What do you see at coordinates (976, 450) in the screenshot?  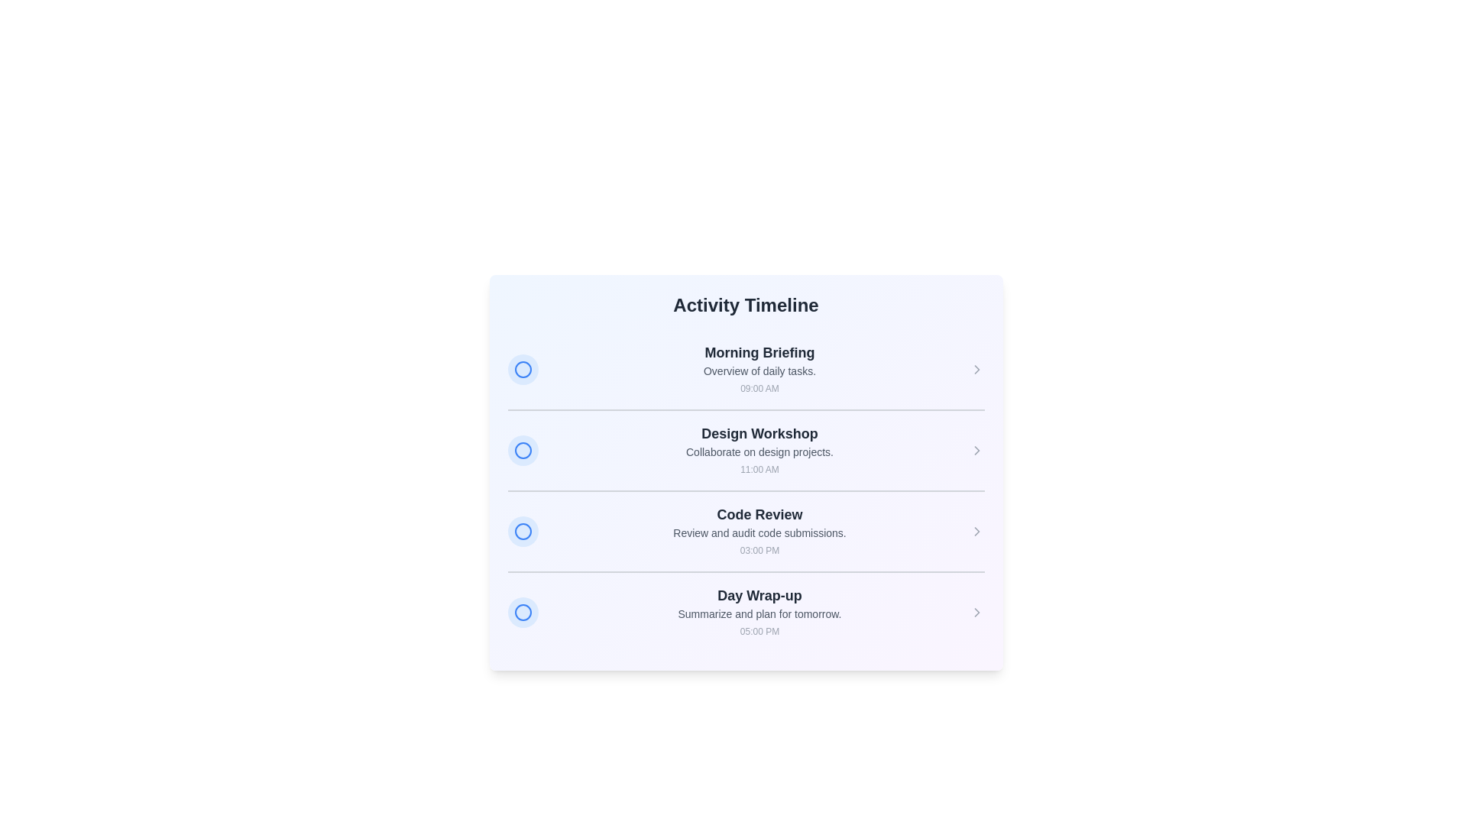 I see `the chevron arrow icon located to the far right of the 'Design Workshop' section in the Activity Timeline, which serves as a navigational indicator for accessing related content` at bounding box center [976, 450].